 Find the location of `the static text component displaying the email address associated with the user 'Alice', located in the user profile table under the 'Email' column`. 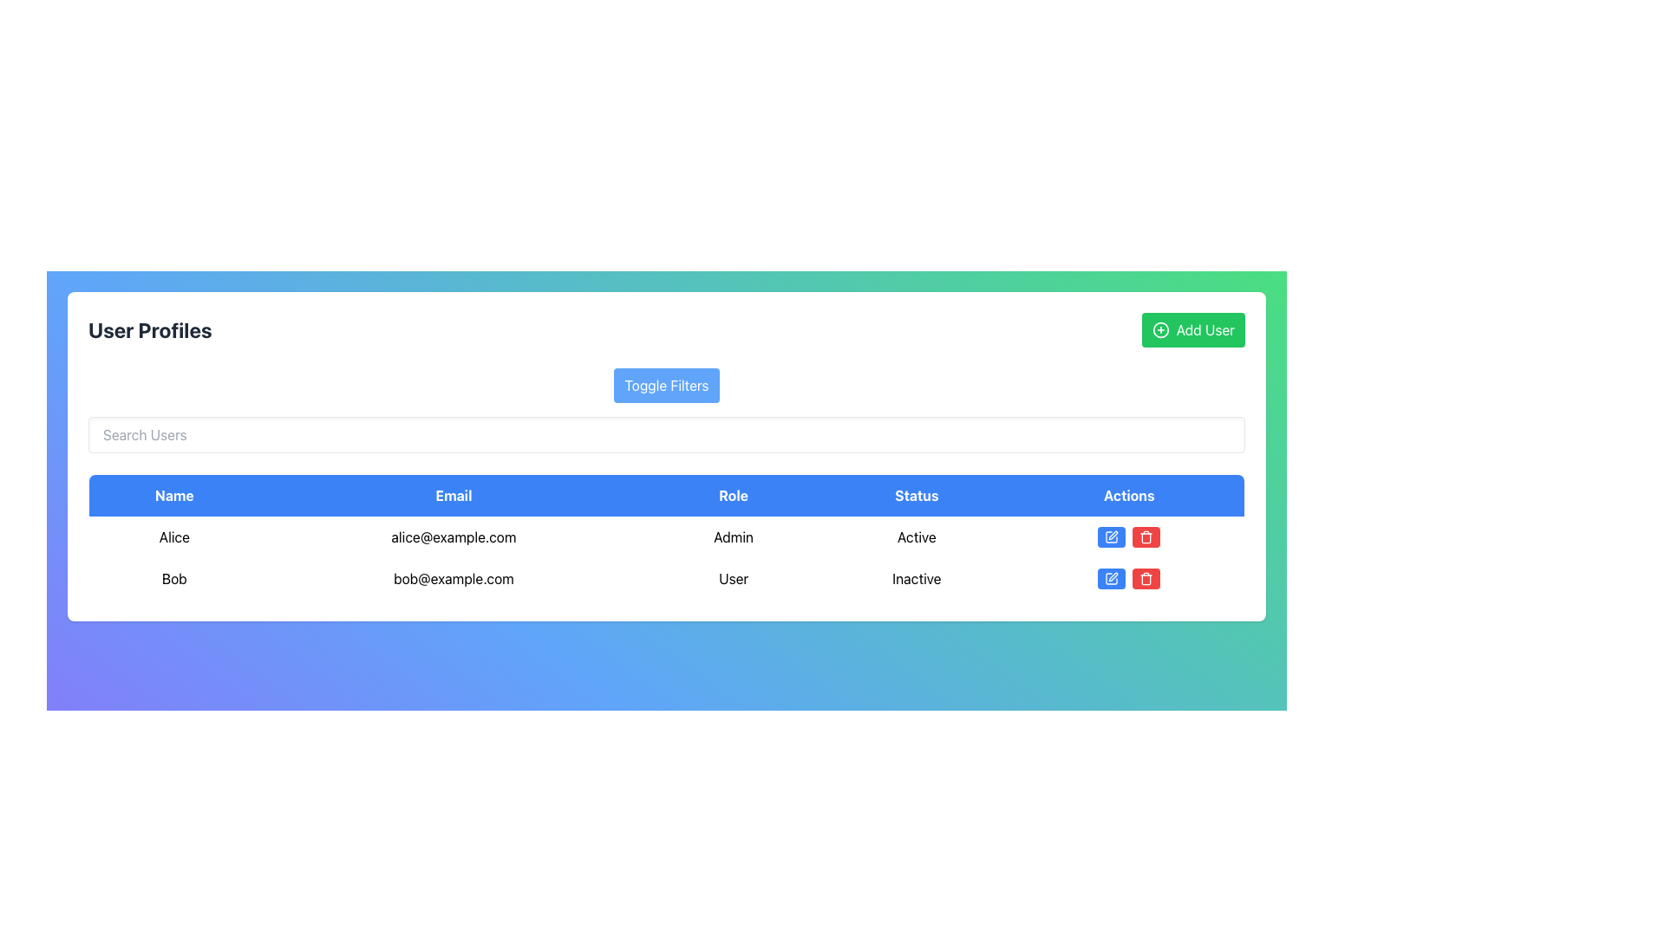

the static text component displaying the email address associated with the user 'Alice', located in the user profile table under the 'Email' column is located at coordinates (454, 536).